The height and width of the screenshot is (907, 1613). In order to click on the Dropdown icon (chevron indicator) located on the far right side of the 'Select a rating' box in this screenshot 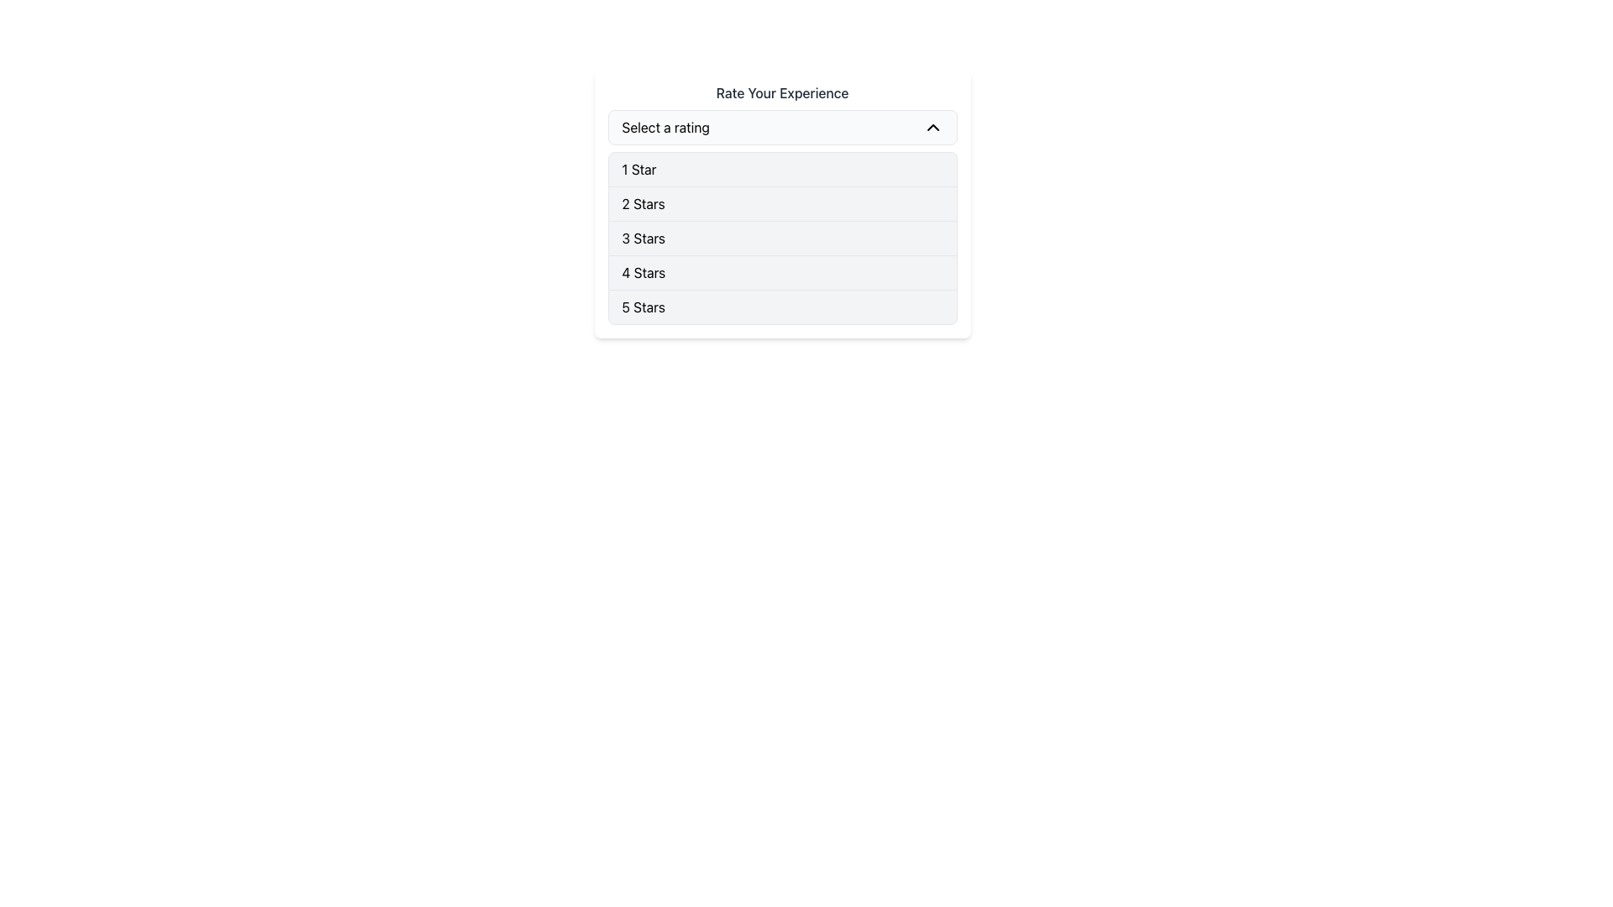, I will do `click(932, 126)`.